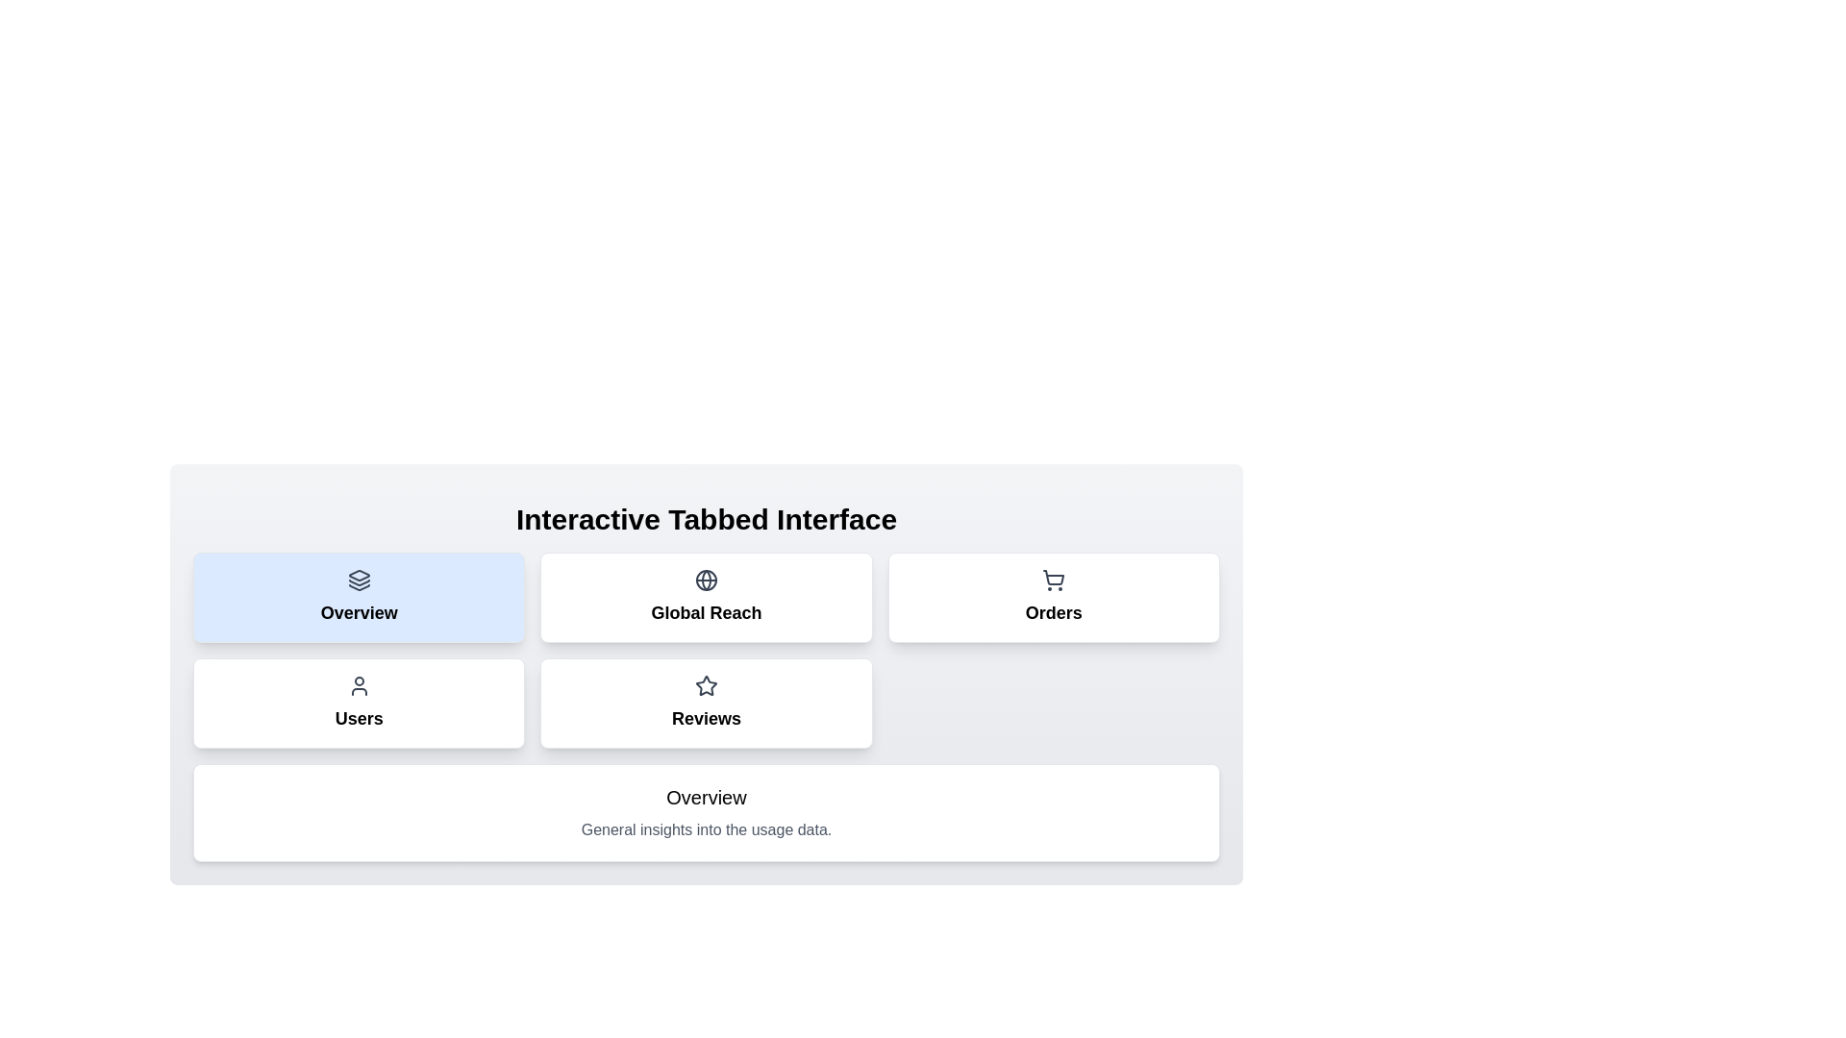 This screenshot has height=1038, width=1846. Describe the element at coordinates (359, 704) in the screenshot. I see `the tab labeled Users` at that location.